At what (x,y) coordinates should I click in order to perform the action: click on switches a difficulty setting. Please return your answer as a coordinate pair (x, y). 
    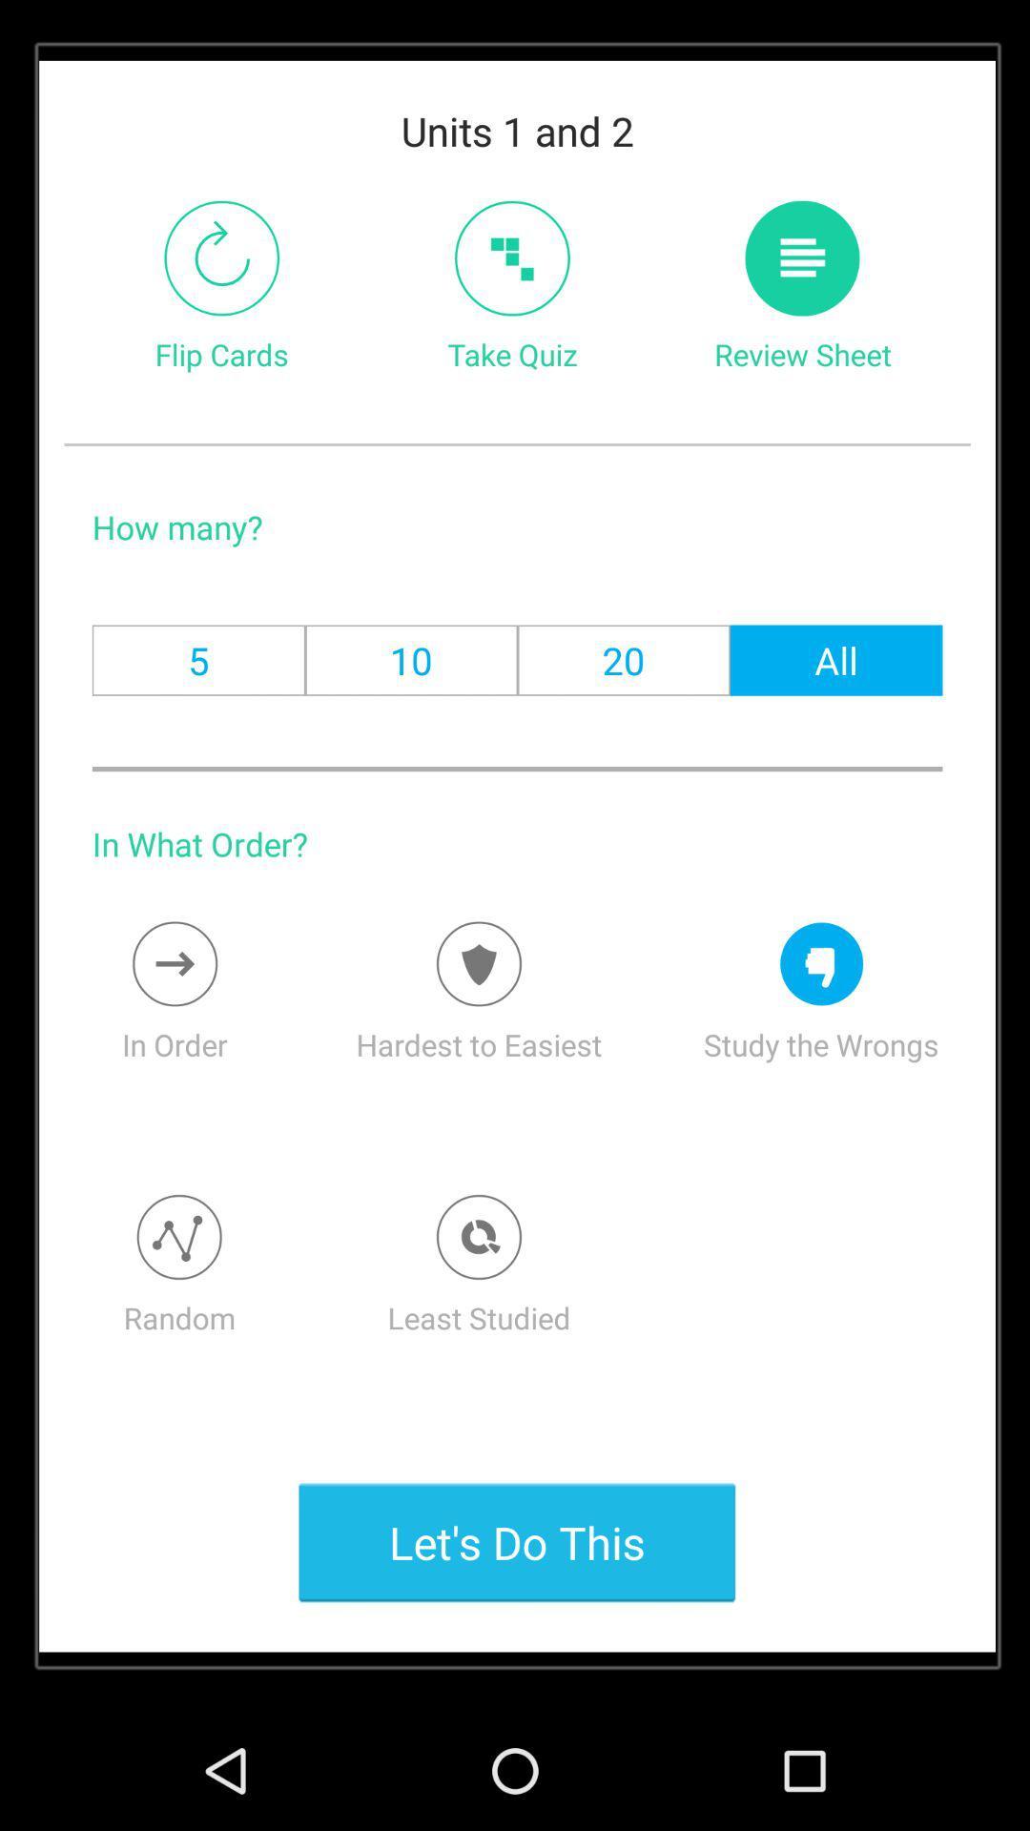
    Looking at the image, I should click on (478, 964).